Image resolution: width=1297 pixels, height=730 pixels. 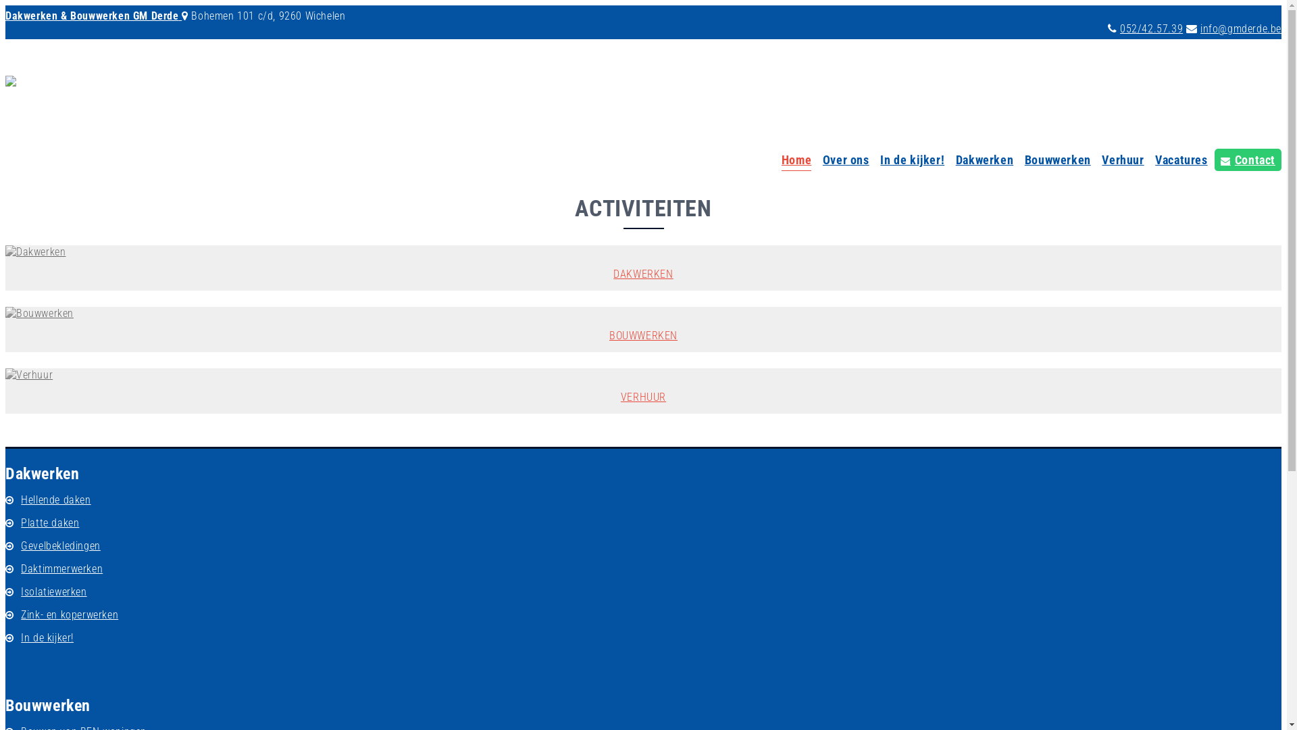 What do you see at coordinates (1241, 28) in the screenshot?
I see `'info@gmderde.be'` at bounding box center [1241, 28].